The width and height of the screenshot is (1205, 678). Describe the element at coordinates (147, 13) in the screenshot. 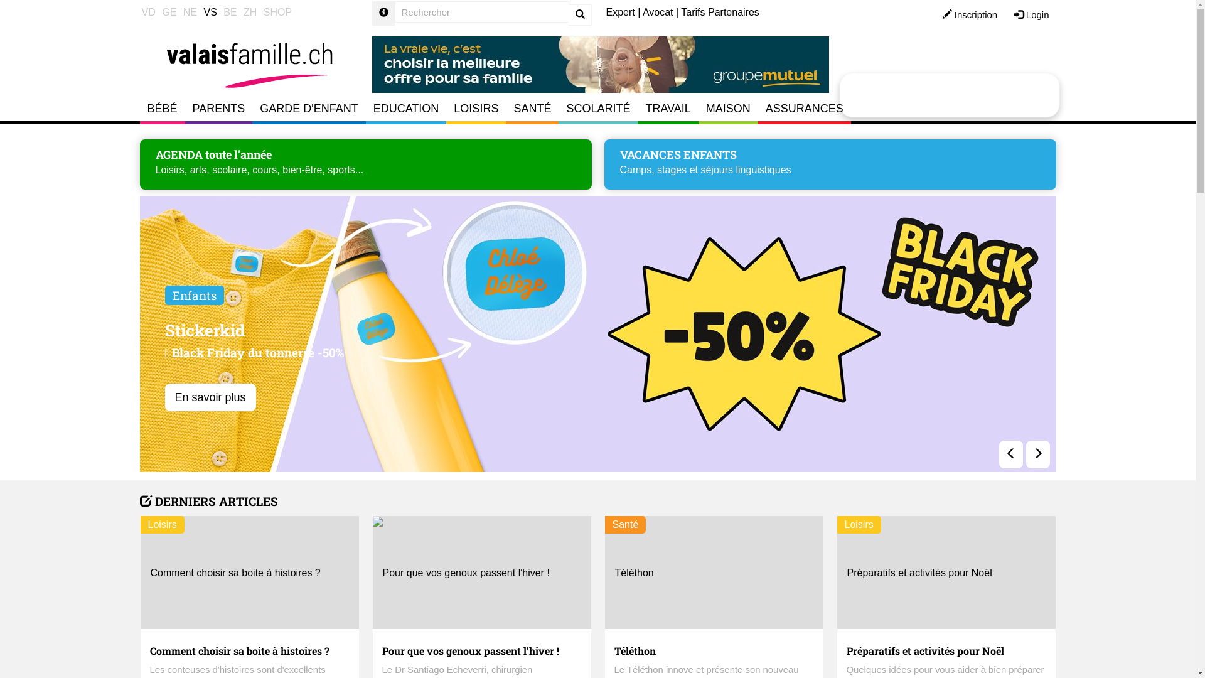

I see `'VD'` at that location.